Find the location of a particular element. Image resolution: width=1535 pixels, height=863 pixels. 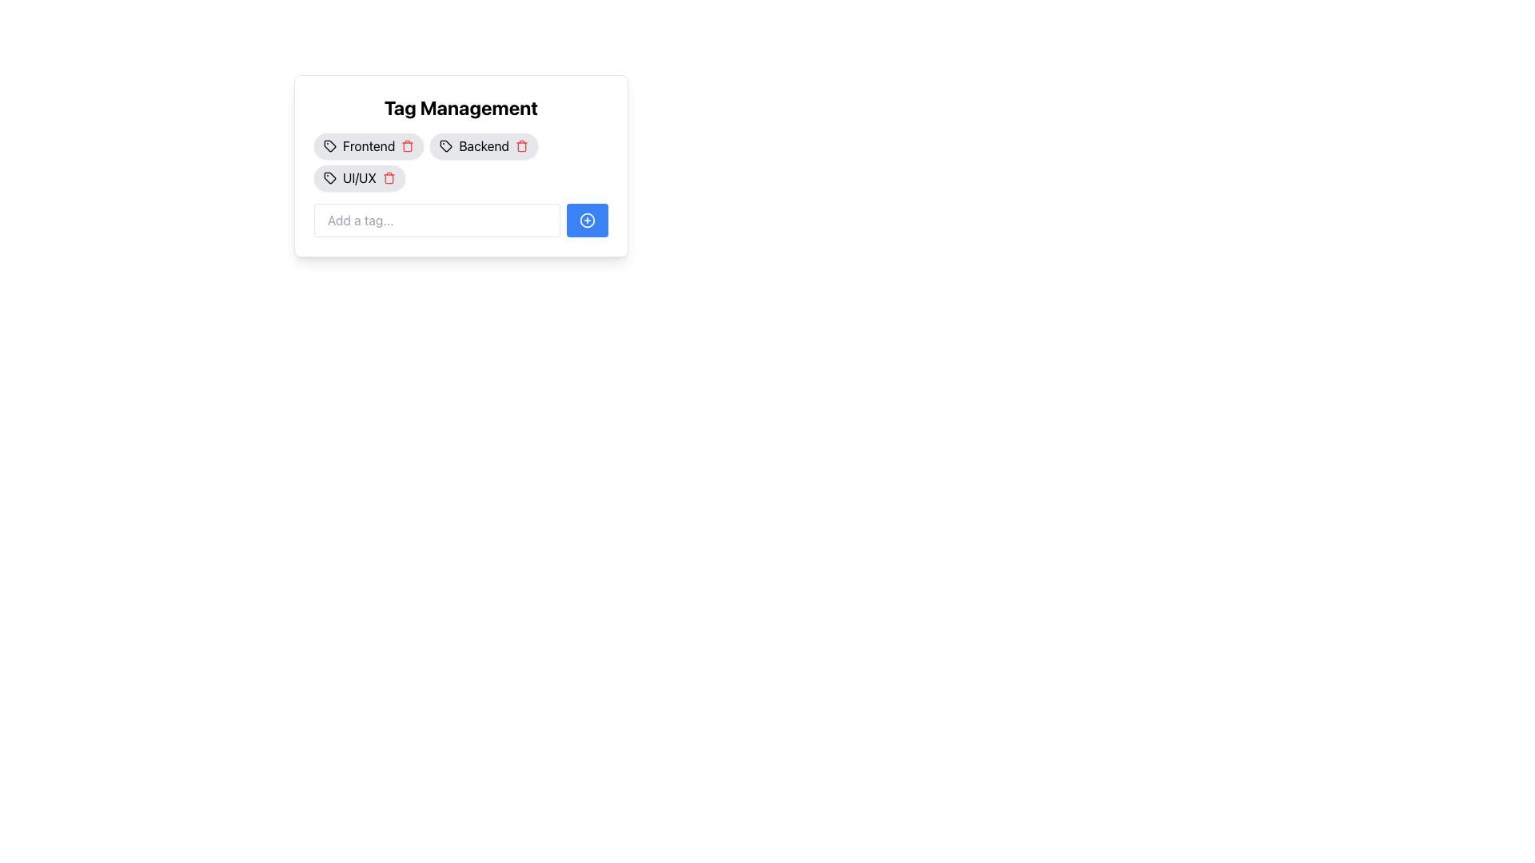

the red delete icon on the Tag component labeled 'UI/UX' is located at coordinates (359, 178).